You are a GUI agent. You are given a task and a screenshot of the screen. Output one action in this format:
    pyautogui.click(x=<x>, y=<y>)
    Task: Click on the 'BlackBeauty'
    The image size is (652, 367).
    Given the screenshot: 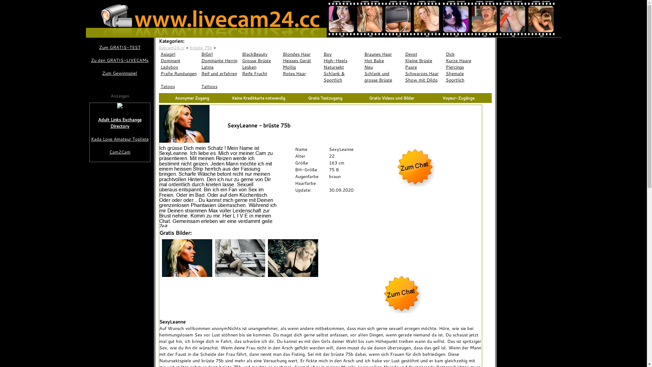 What is the action you would take?
    pyautogui.click(x=260, y=54)
    